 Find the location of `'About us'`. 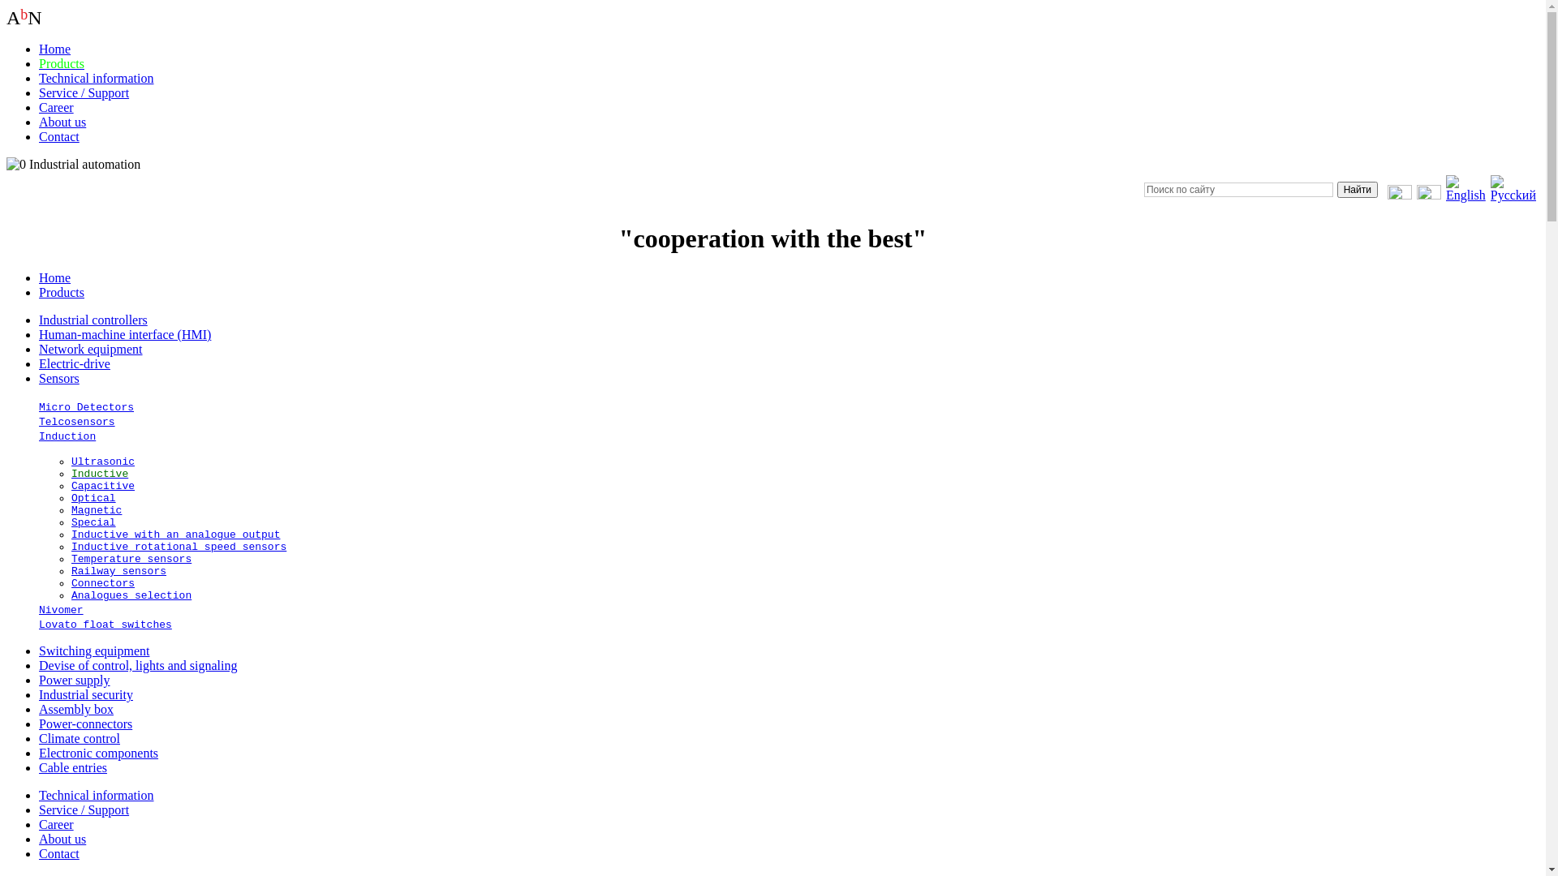

'About us' is located at coordinates (39, 839).